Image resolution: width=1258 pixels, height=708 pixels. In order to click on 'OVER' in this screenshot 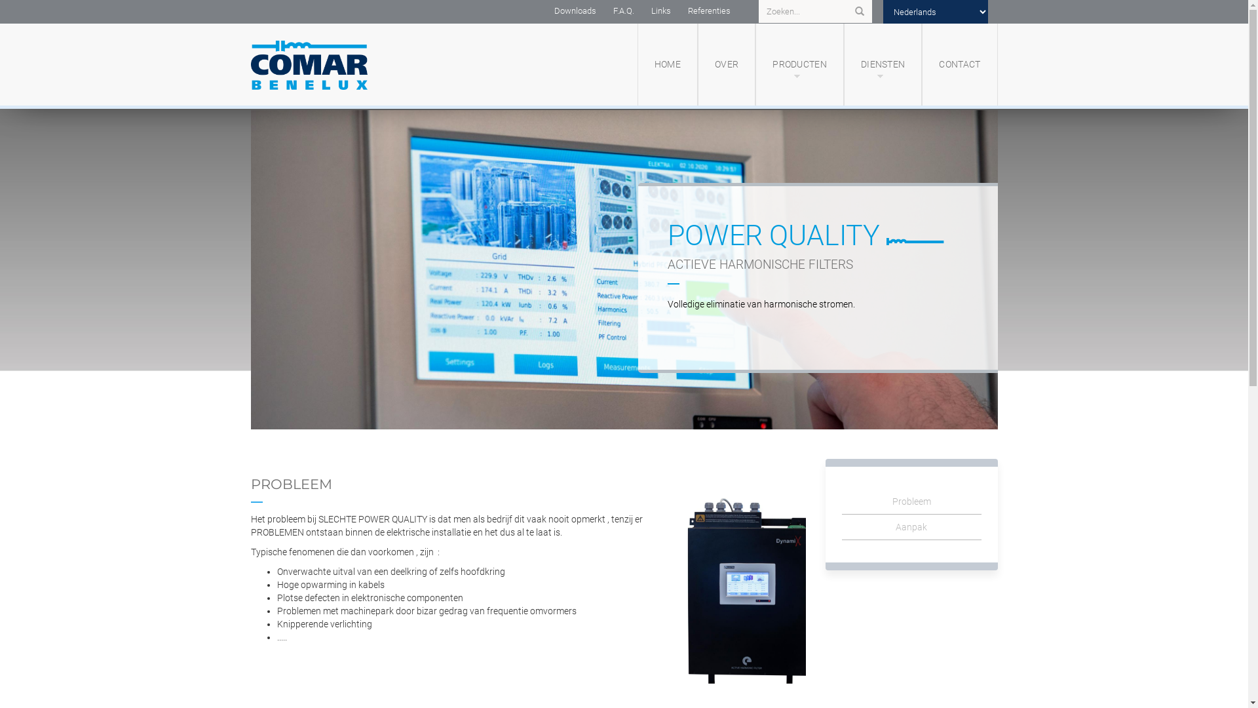, I will do `click(725, 64)`.